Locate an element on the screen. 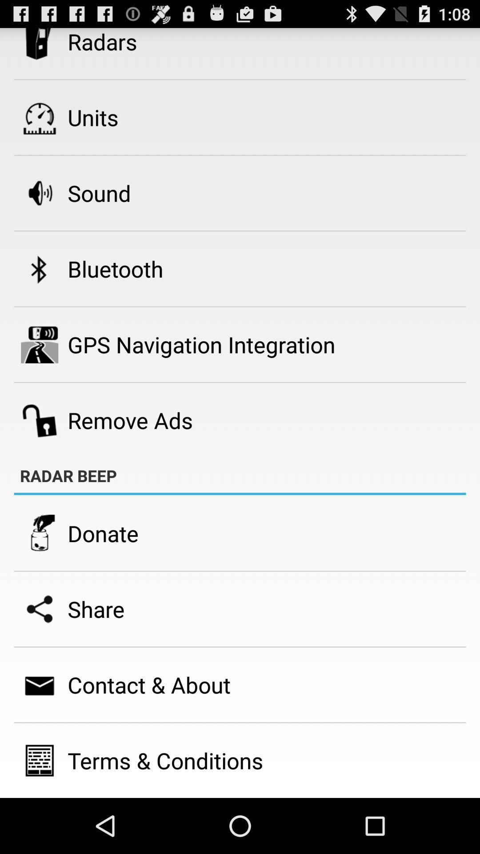 Image resolution: width=480 pixels, height=854 pixels. the icon beside gps navigation integration is located at coordinates (39, 344).